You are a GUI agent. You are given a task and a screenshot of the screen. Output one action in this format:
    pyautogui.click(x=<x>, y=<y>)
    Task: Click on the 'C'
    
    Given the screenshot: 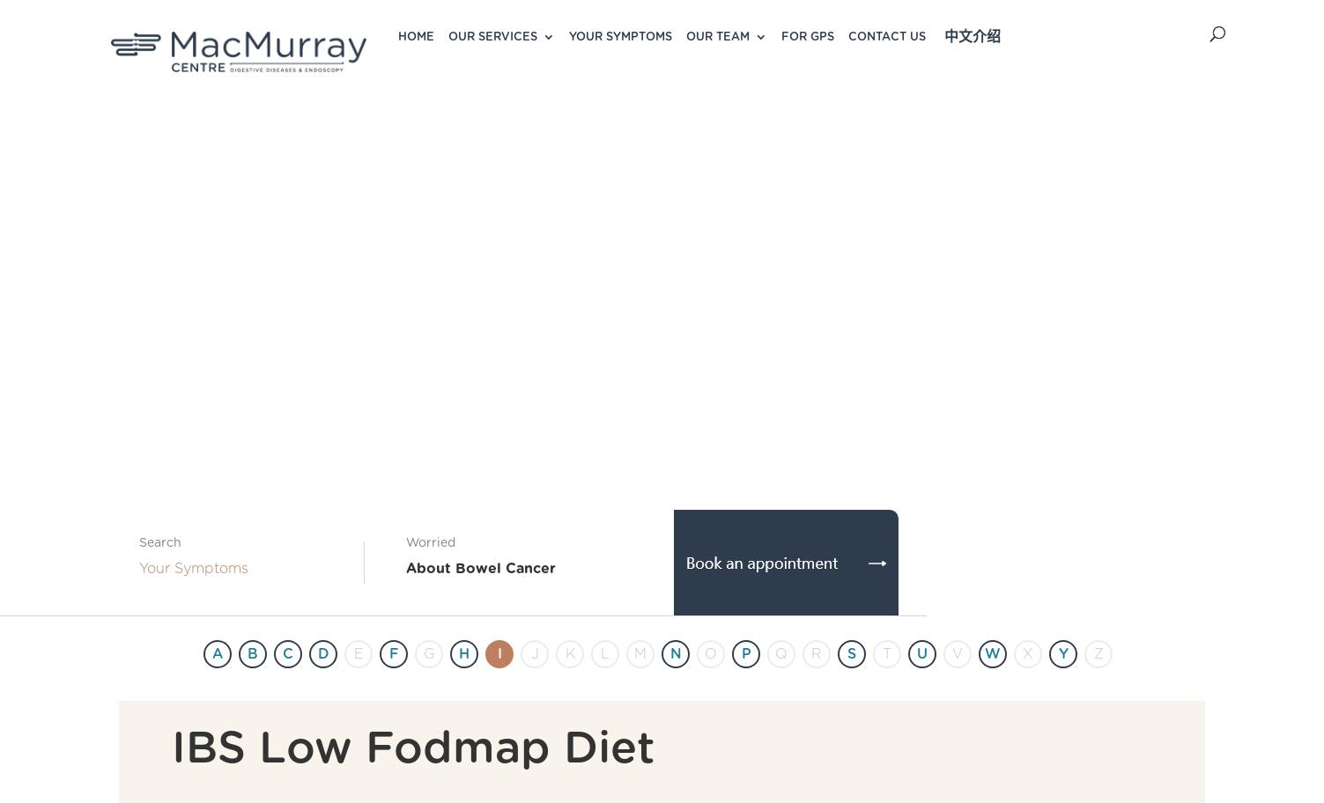 What is the action you would take?
    pyautogui.click(x=287, y=653)
    